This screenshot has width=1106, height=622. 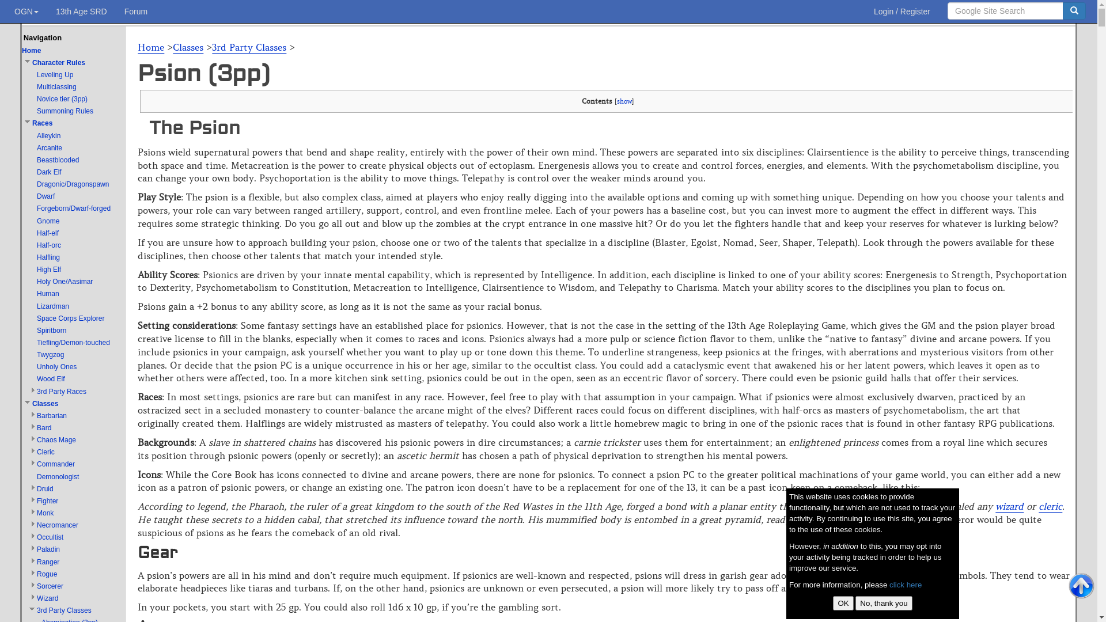 I want to click on 'Barbarian', so click(x=36, y=415).